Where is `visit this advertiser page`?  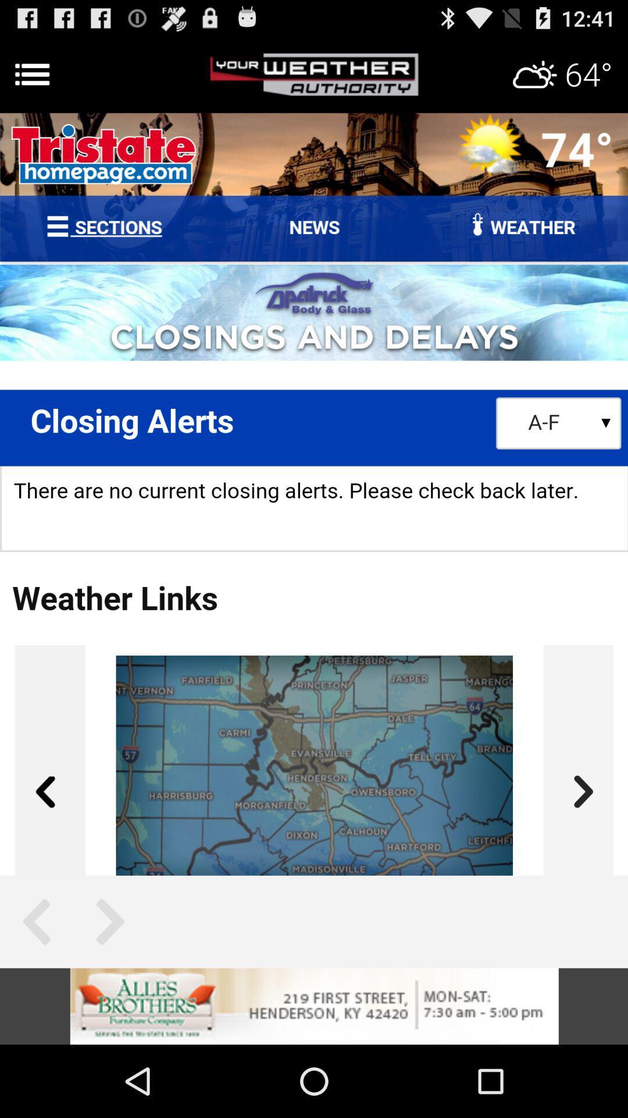 visit this advertiser page is located at coordinates (314, 1006).